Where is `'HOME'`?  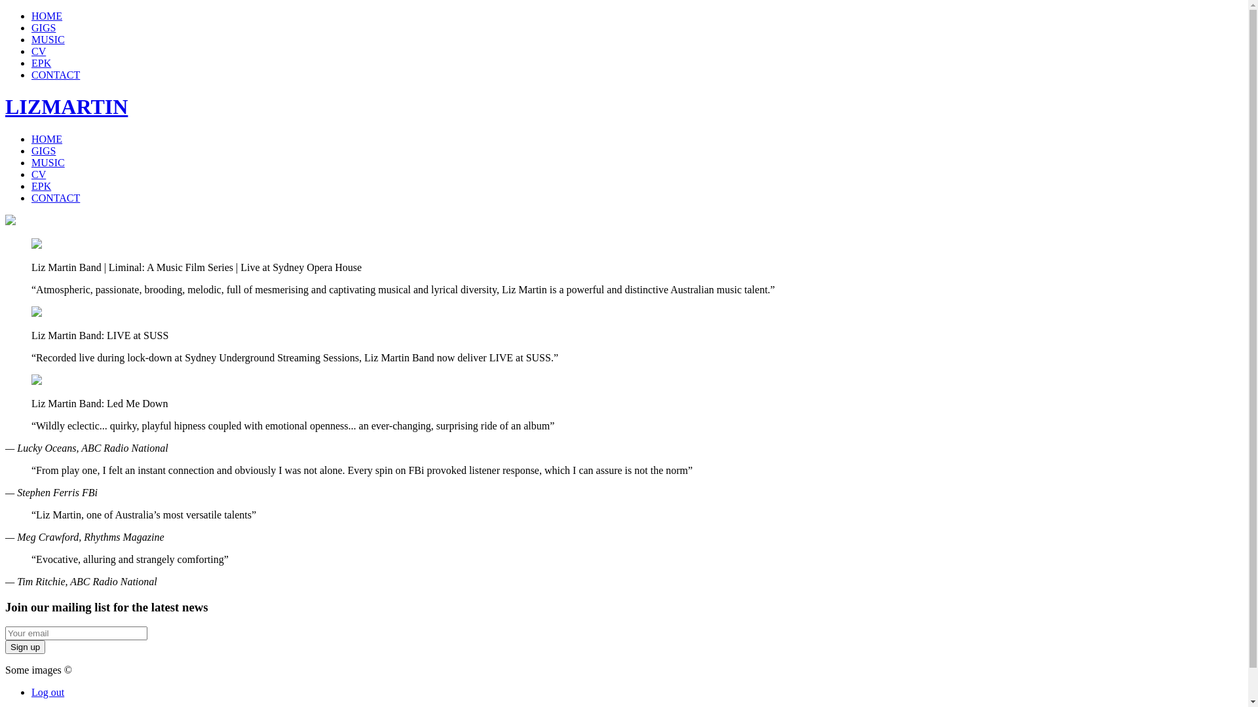
'HOME' is located at coordinates (47, 139).